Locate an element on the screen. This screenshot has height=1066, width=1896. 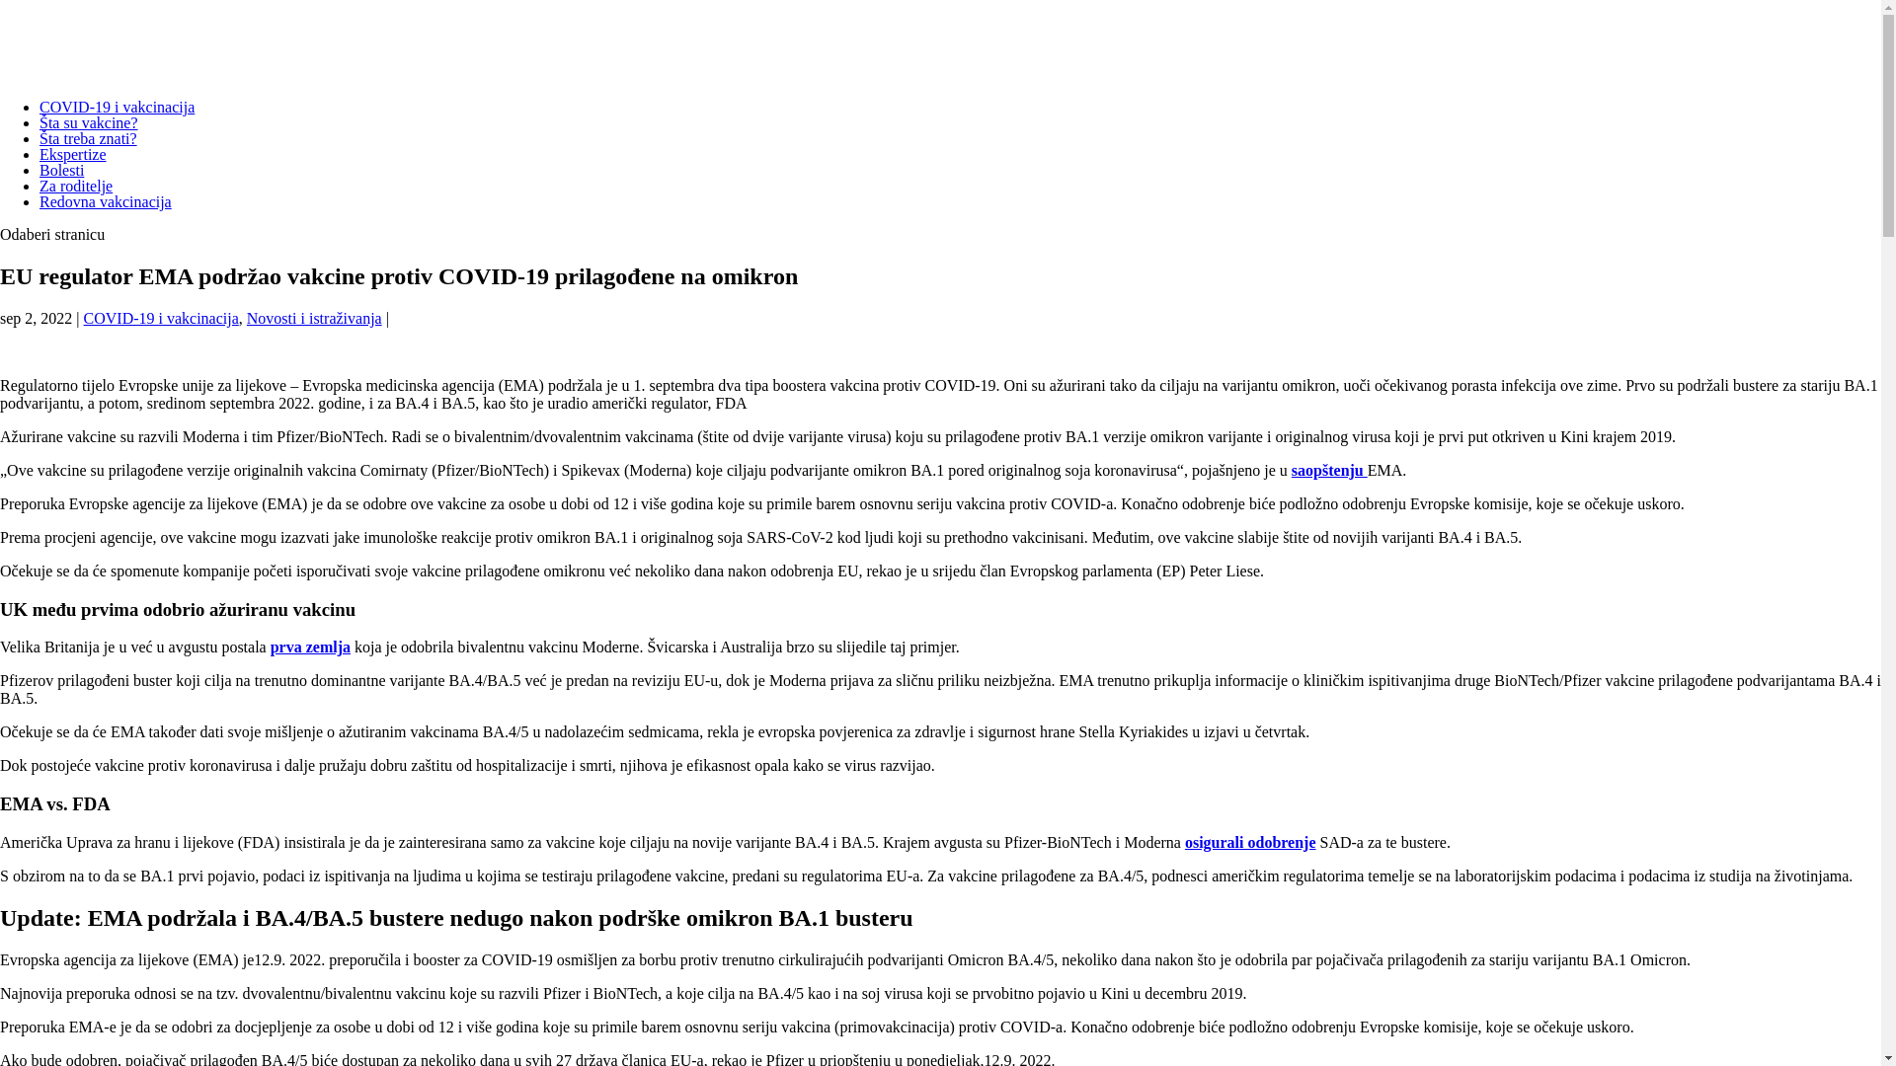
'prva zemlja' is located at coordinates (309, 647).